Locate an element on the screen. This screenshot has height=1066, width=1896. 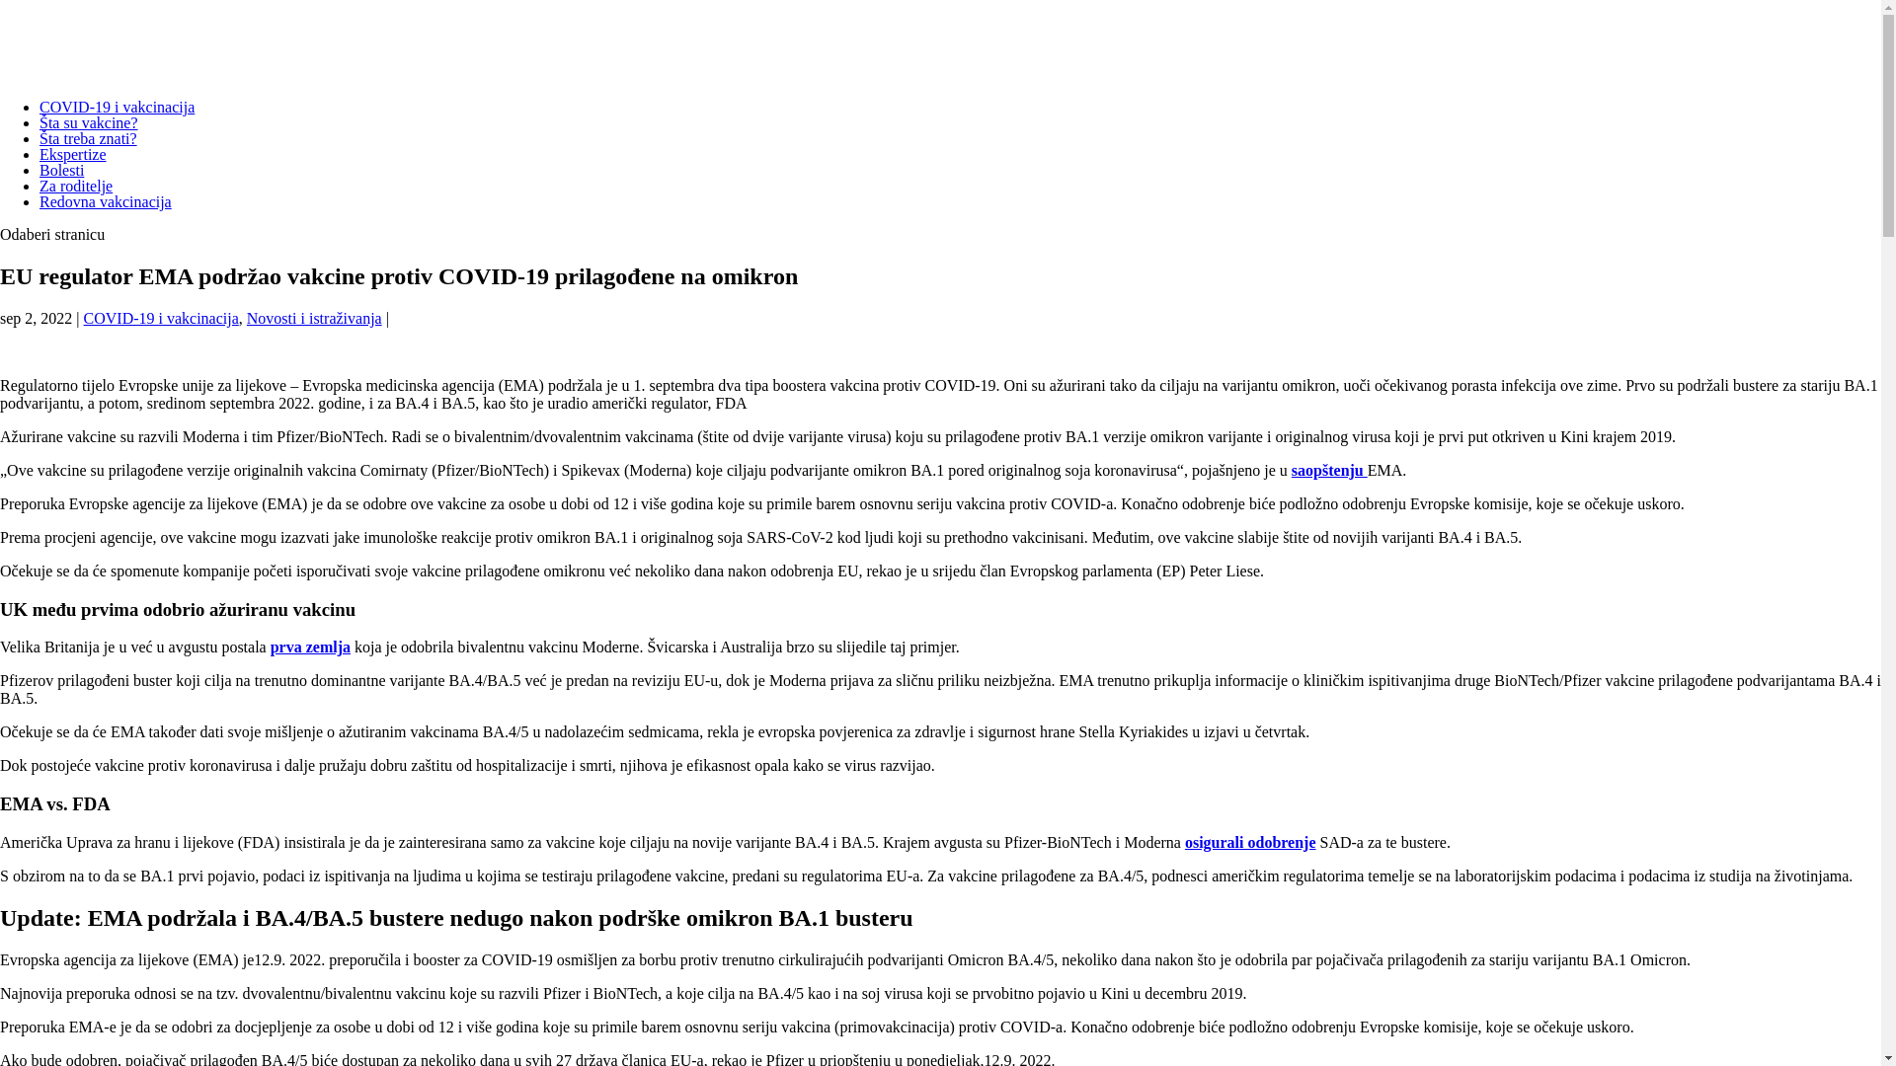
'prva zemlja' is located at coordinates (309, 647).